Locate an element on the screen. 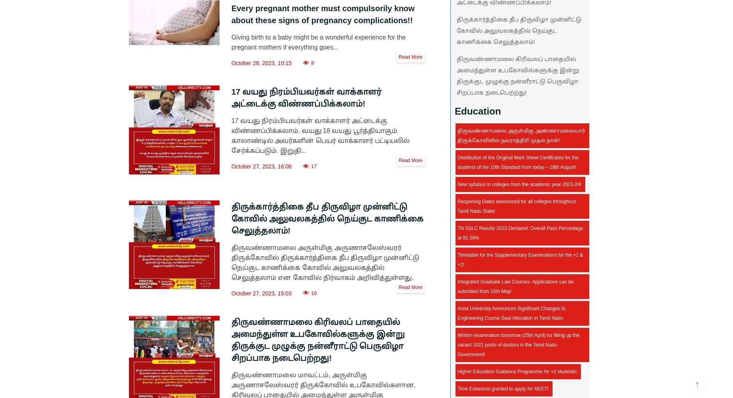 This screenshot has height=398, width=733. 'TN SSLC Results 2023 Declared: Overall Pass Percentage at 91.39%' is located at coordinates (520, 233).